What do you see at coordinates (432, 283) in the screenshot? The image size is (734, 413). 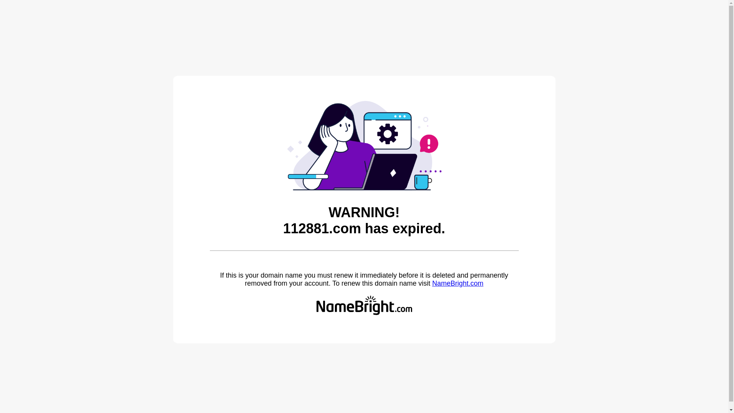 I see `'NameBright.com'` at bounding box center [432, 283].